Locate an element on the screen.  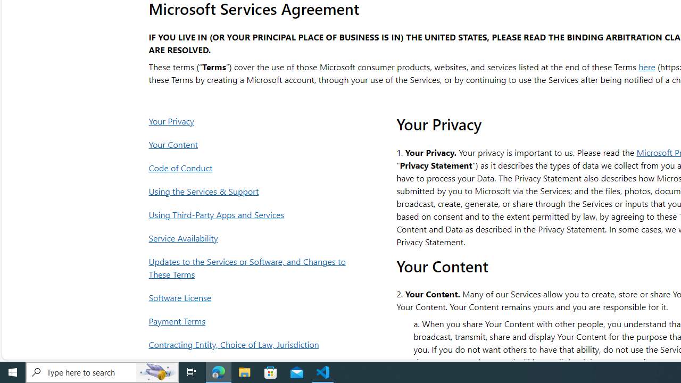
'Contracting Entity, Choice of Law, Jurisdiction' is located at coordinates (250, 344).